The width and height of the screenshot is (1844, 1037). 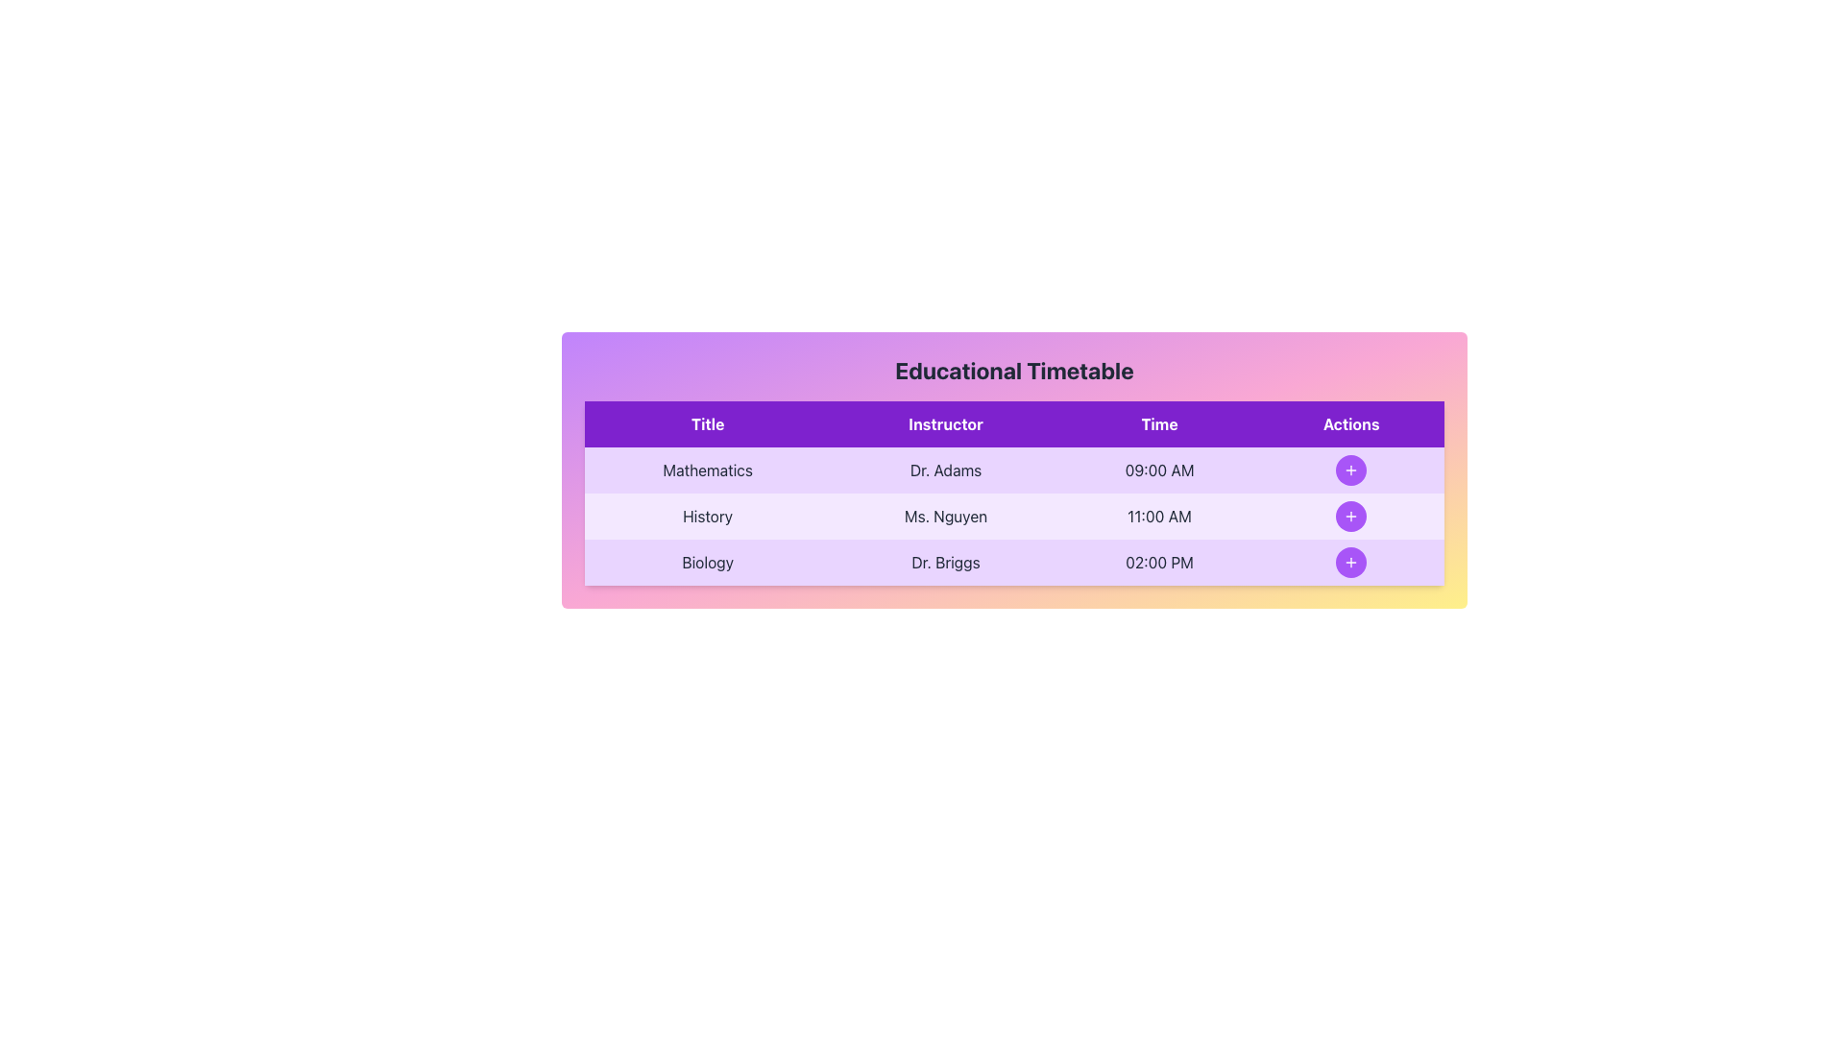 What do you see at coordinates (1013, 470) in the screenshot?
I see `course schedule details from the first entry of the table titled 'Educational Timetable', which includes the course title, instructor's name, and class time` at bounding box center [1013, 470].